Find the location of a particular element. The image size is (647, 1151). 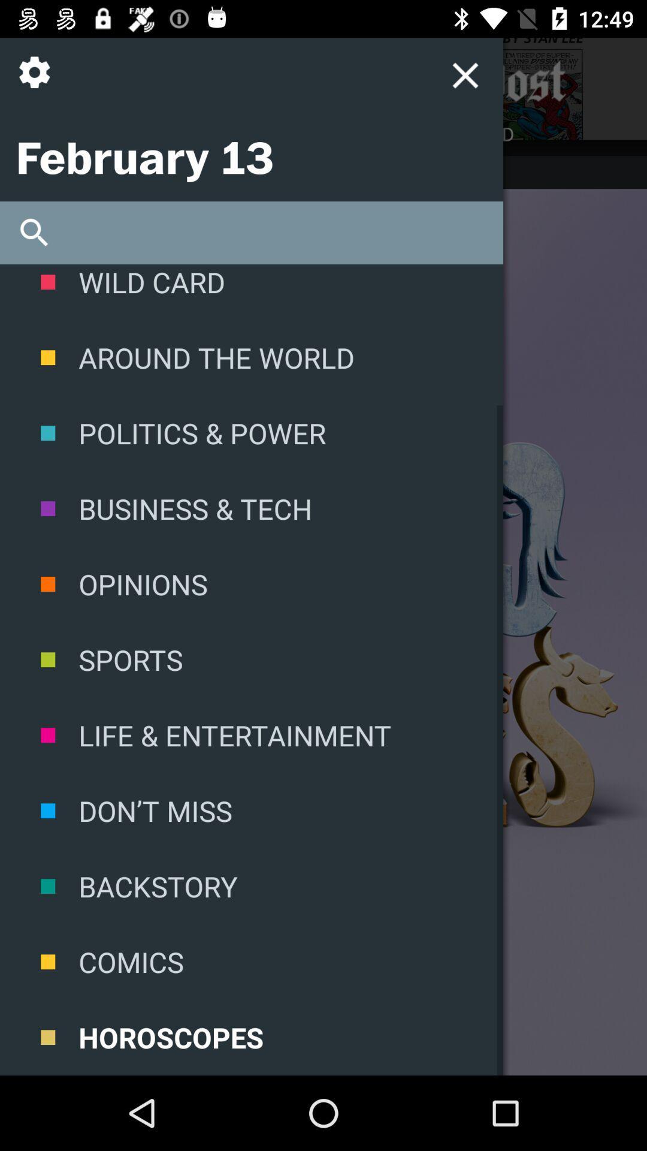

use search function is located at coordinates (251, 233).